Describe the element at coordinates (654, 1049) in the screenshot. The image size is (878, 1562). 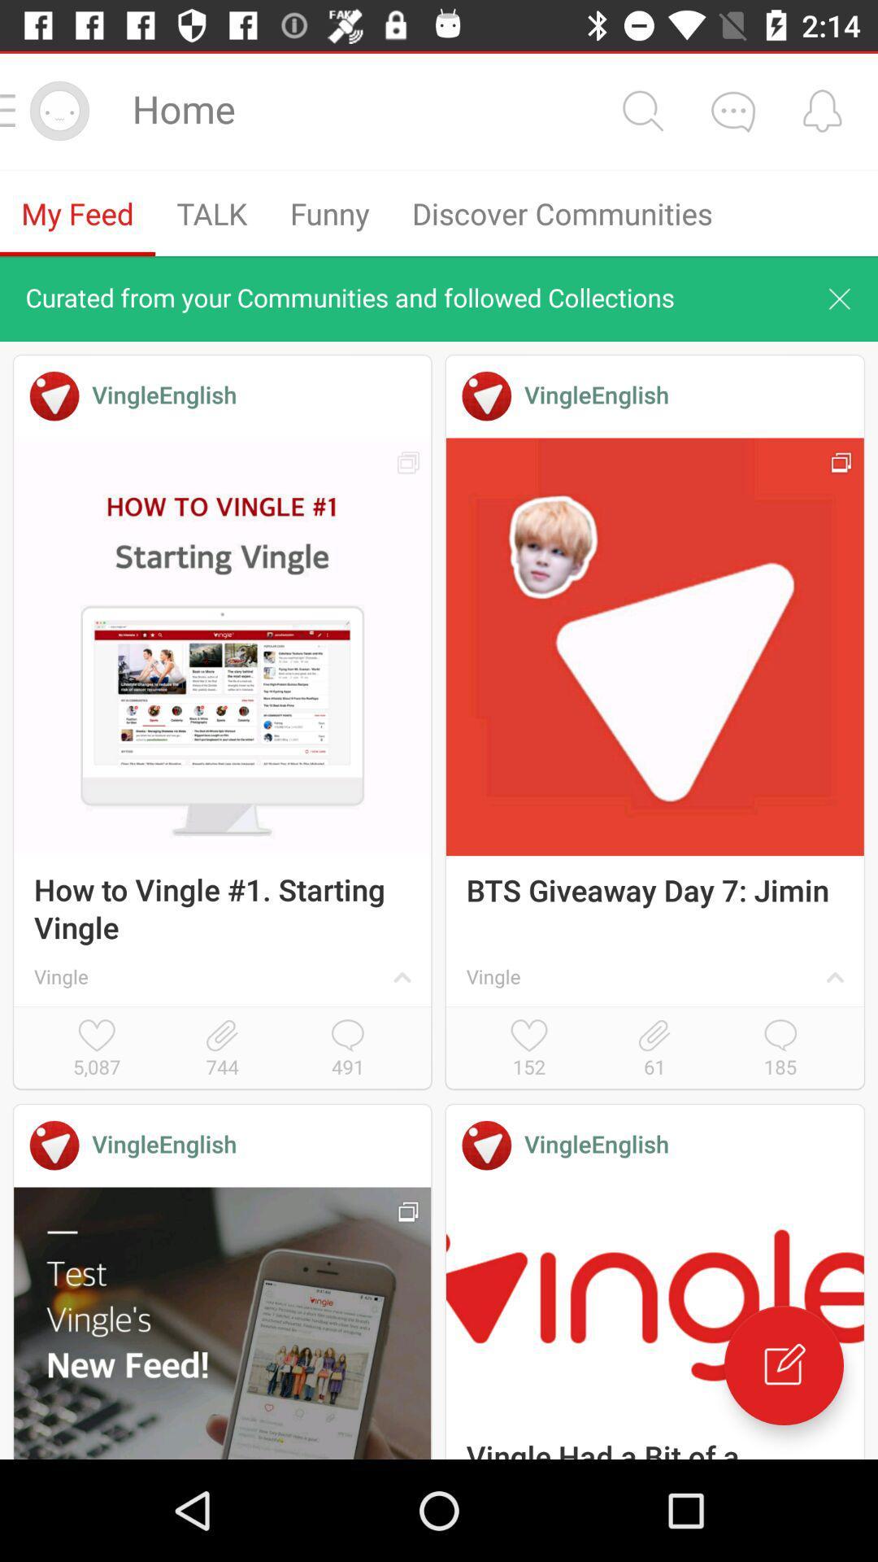
I see `icon above the vingleenglish icon` at that location.